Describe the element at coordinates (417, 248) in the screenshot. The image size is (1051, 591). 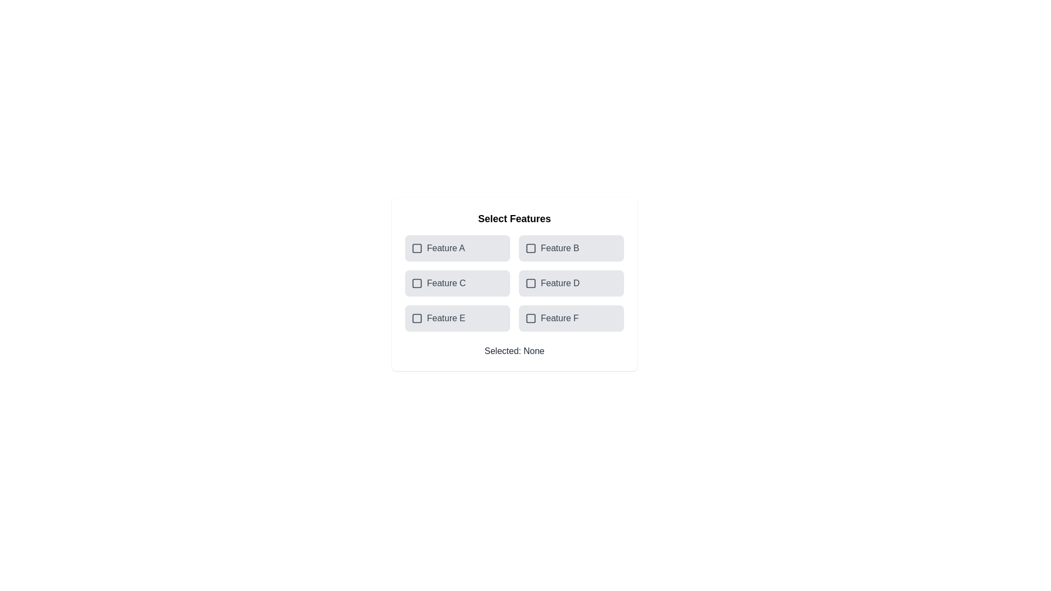
I see `the visual indicator inside the checkbox for 'Feature A', which confirms that the option is selected` at that location.